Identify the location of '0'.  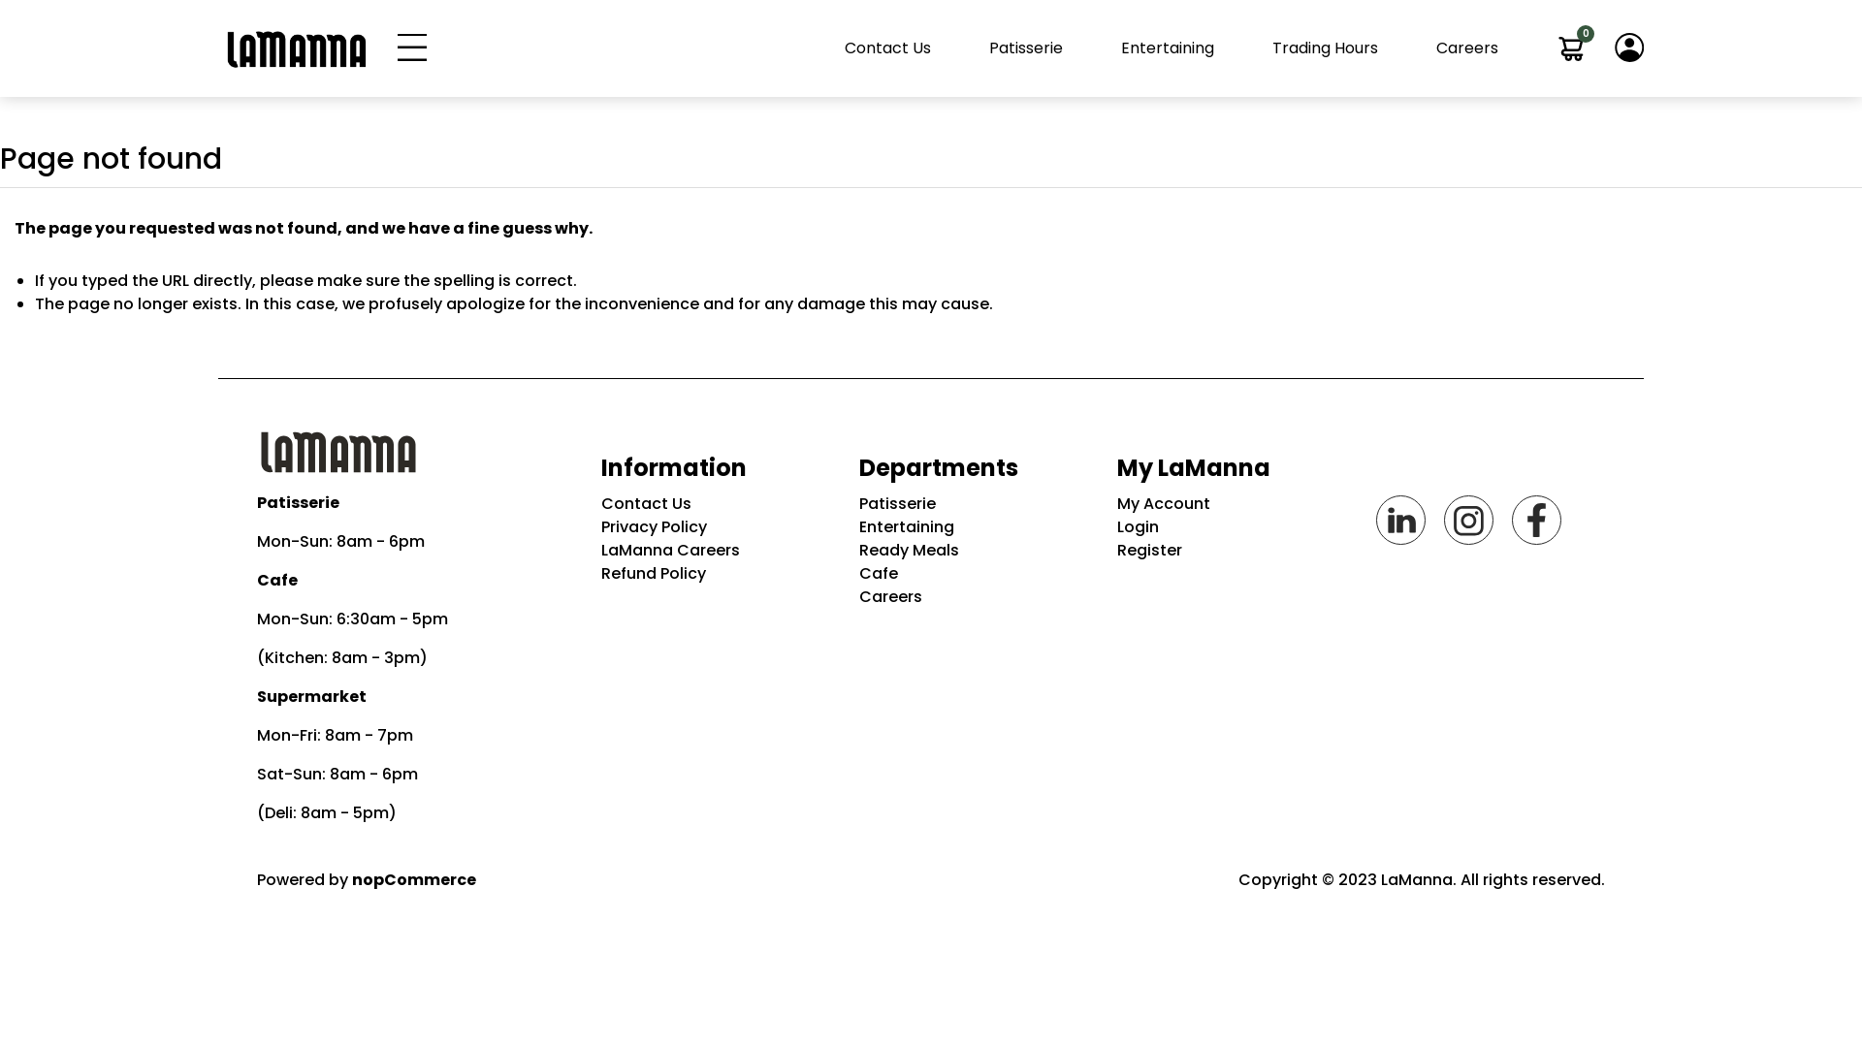
(1571, 48).